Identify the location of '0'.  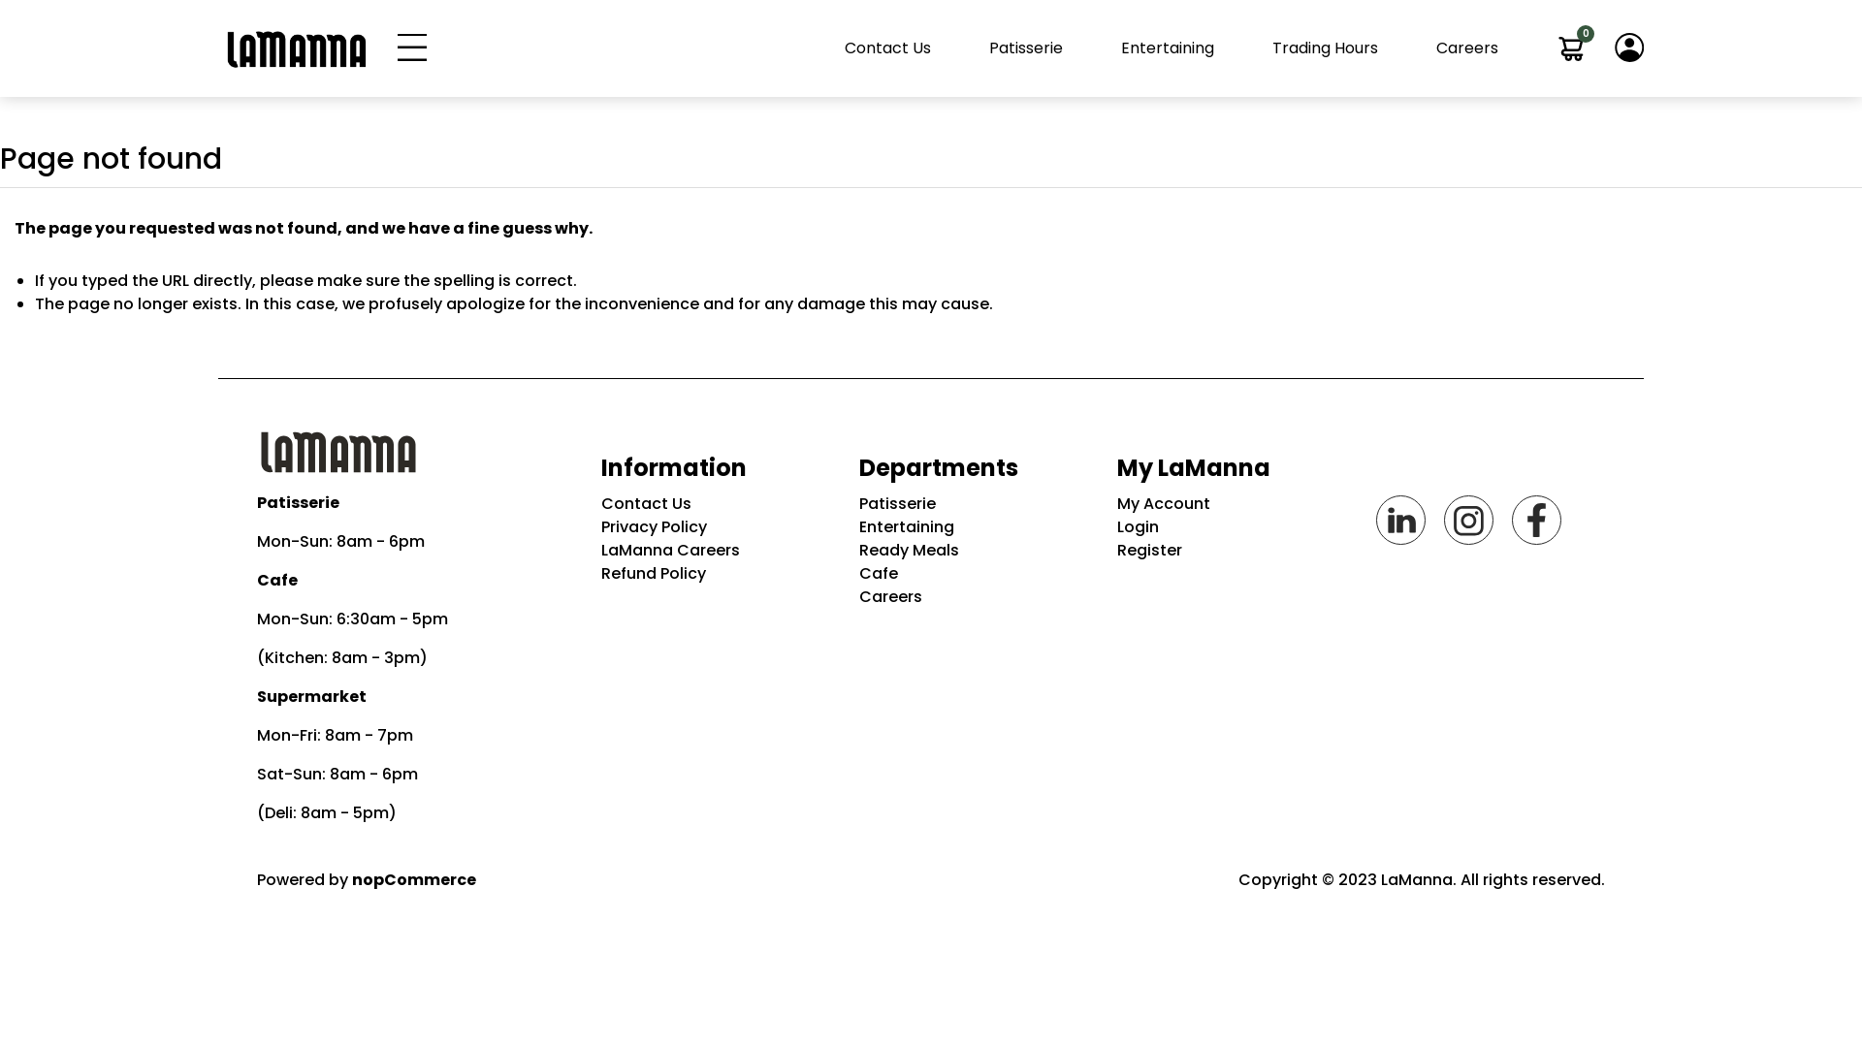
(1571, 48).